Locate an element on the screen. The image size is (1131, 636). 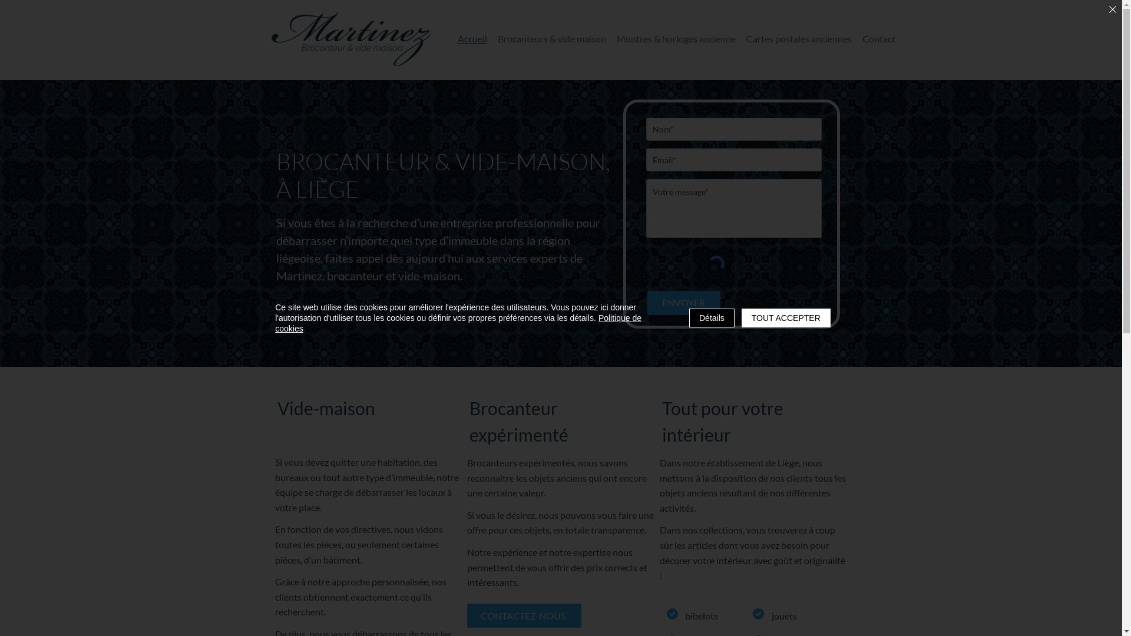
'ENVOYER' is located at coordinates (683, 302).